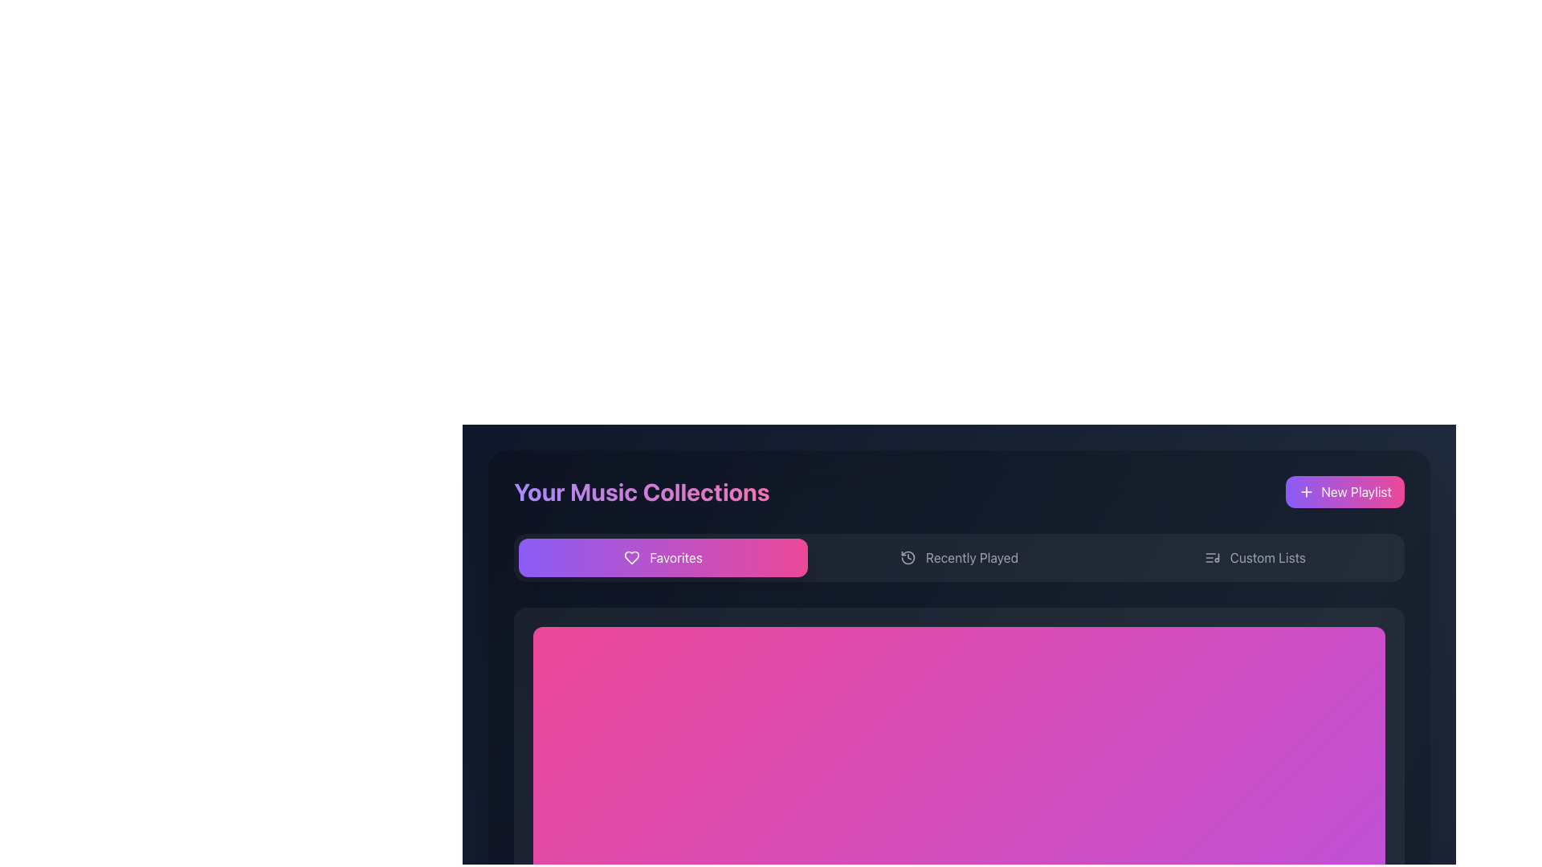 This screenshot has width=1542, height=867. What do you see at coordinates (631, 556) in the screenshot?
I see `the heart-shaped SVG icon with a gradient fill located in the 'Favorites' tab of the navigation bar in the 'Your Music Collections' section` at bounding box center [631, 556].